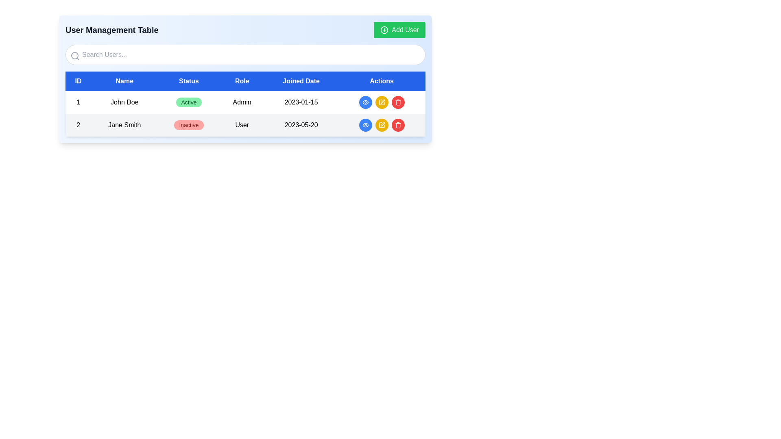  Describe the element at coordinates (301, 102) in the screenshot. I see `the static text label displaying the date '2023-01-15' in the 'Joined Date' column for user 'John Doe' with role 'Admin'` at that location.